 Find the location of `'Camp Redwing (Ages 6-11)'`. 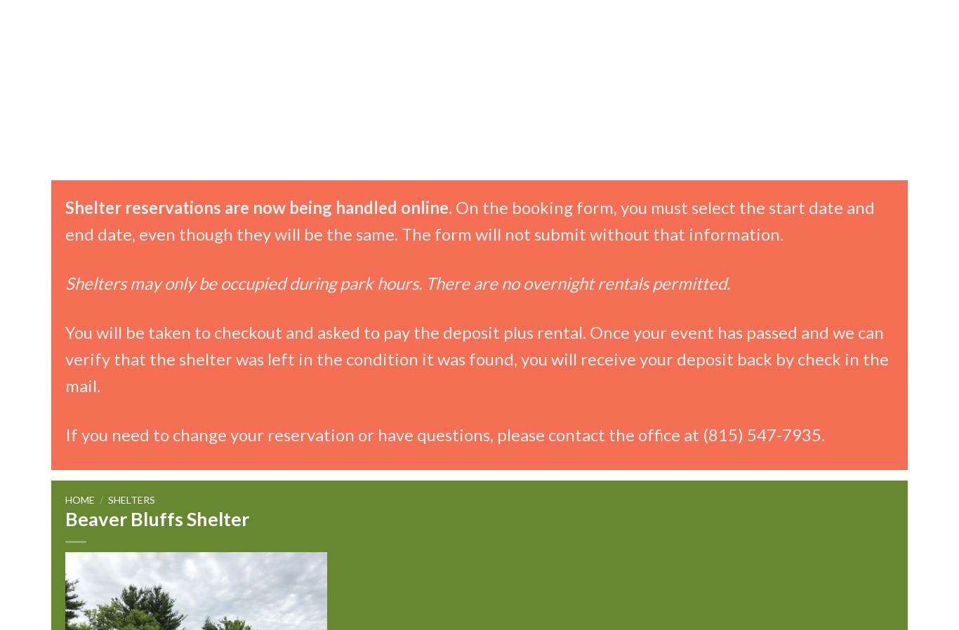

'Camp Redwing (Ages 6-11)' is located at coordinates (656, 123).